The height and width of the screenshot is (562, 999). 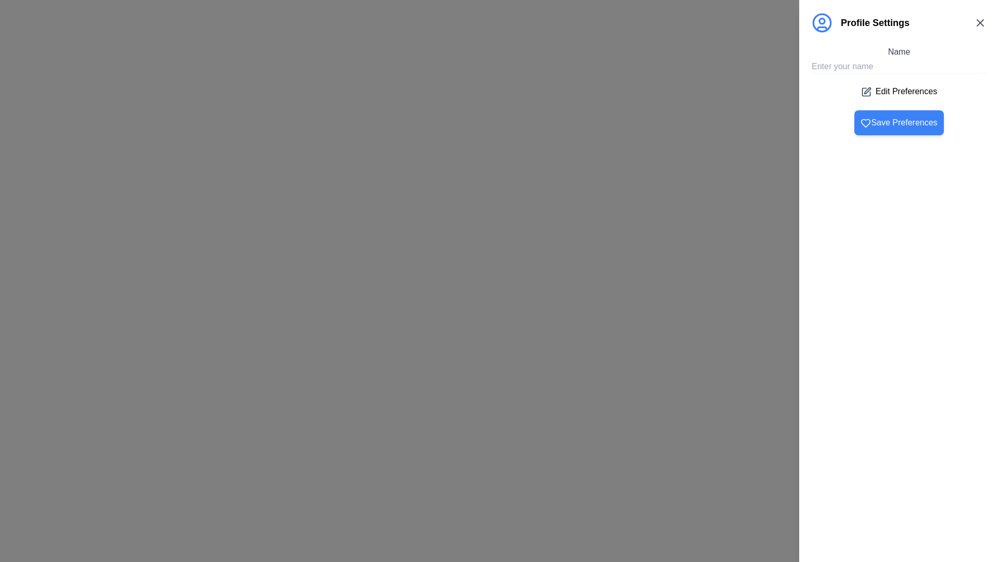 I want to click on the circular graphical component with a blue border and empty white center, which is the largest circle in the user profile icon located in the upper-left corner of the sidebar, so click(x=821, y=22).